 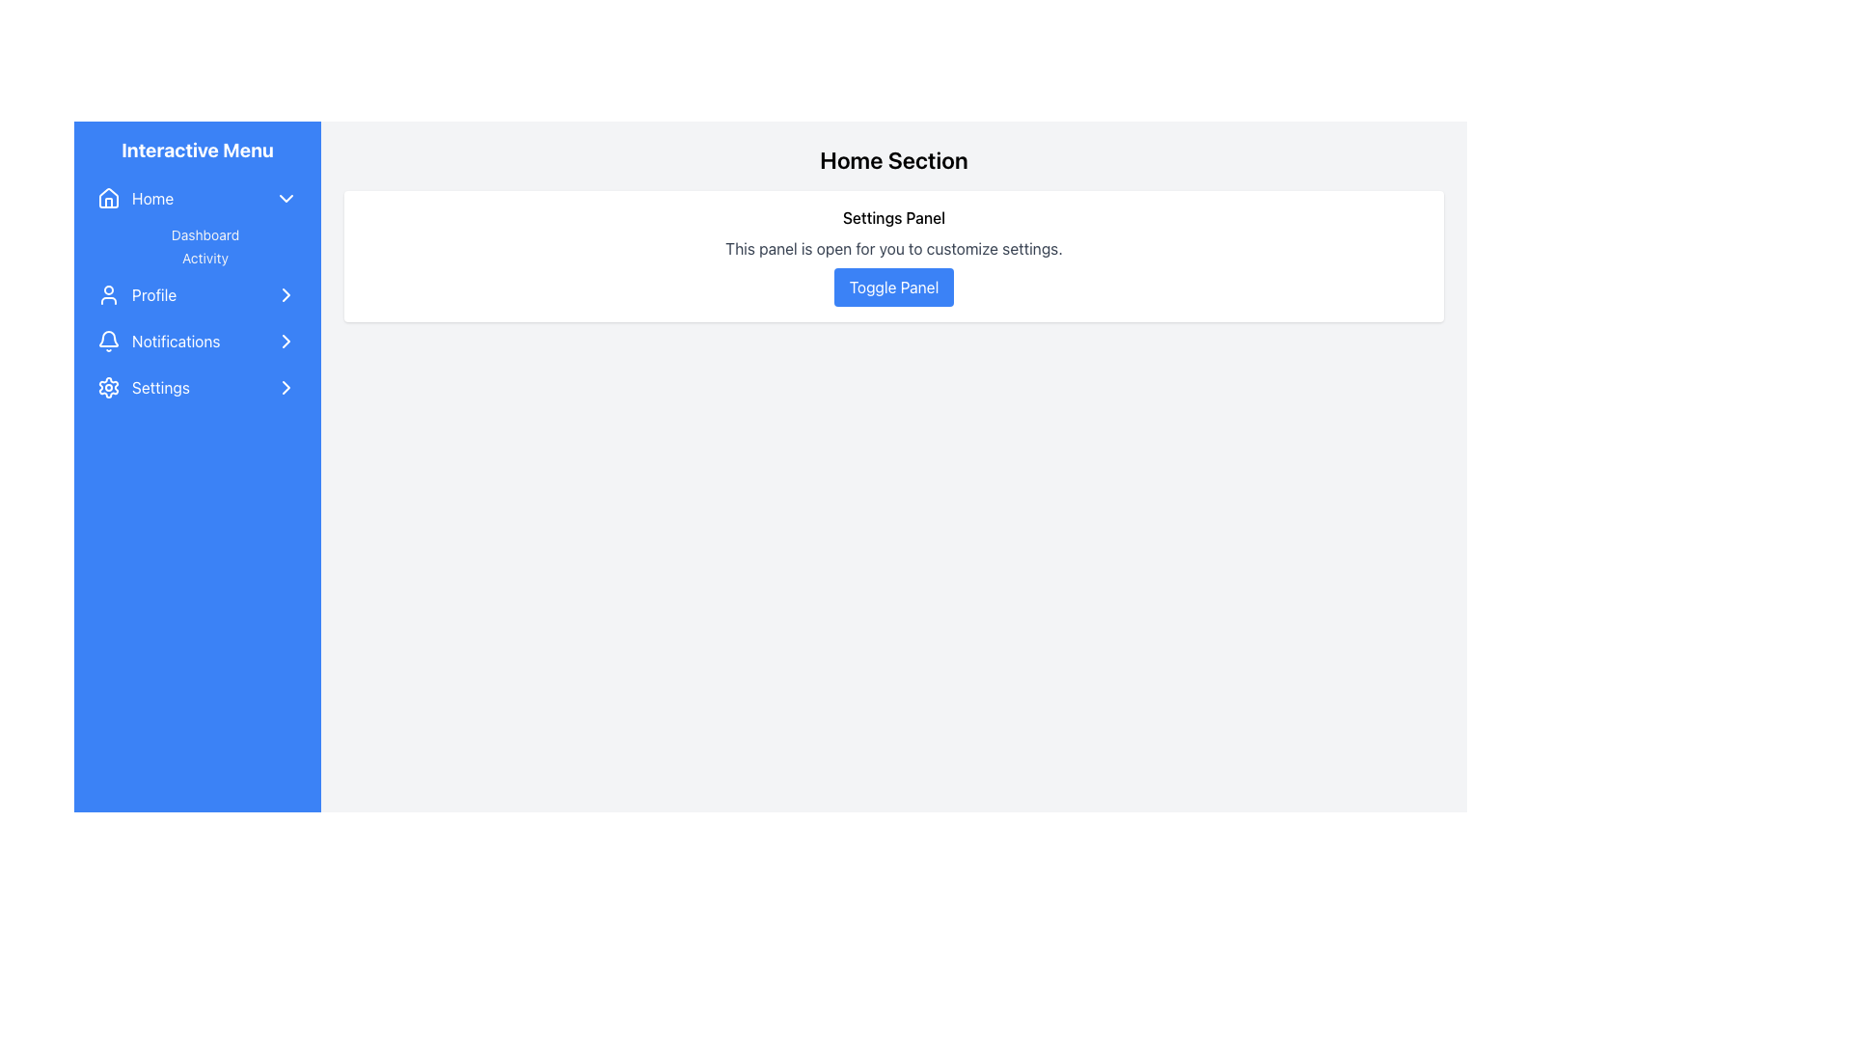 I want to click on the icon/button located at the far-right edge of the 'Profile' menu item in the sidebar navigation, so click(x=286, y=294).